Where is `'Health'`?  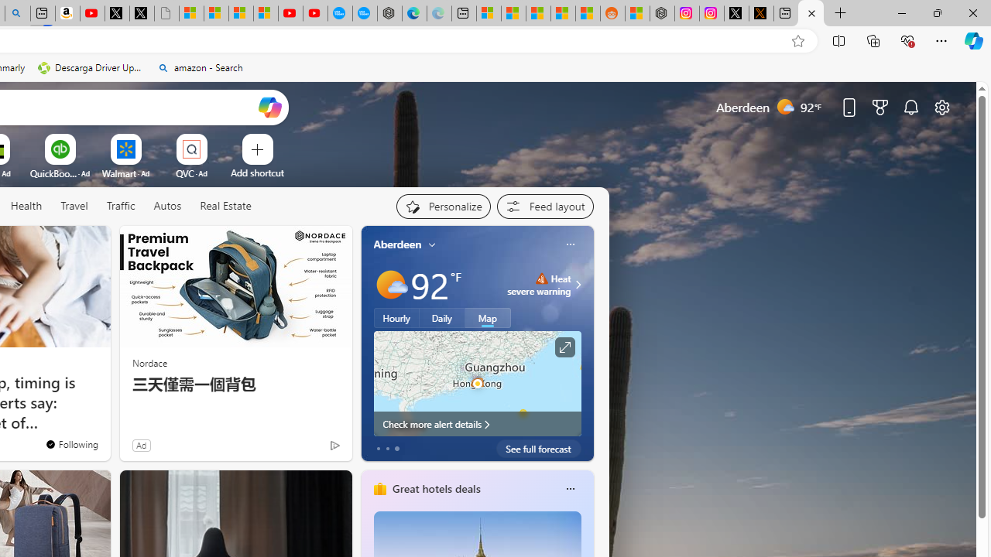 'Health' is located at coordinates (26, 205).